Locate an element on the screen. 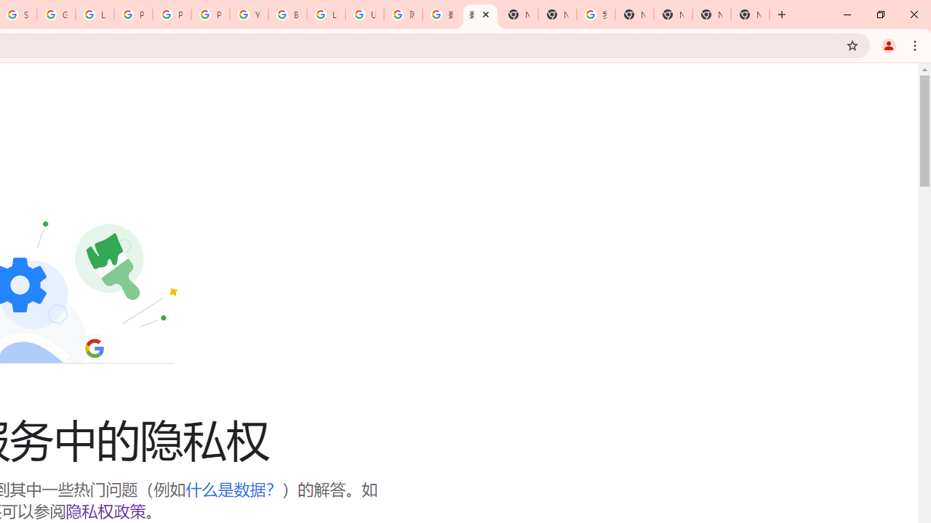  'Privacy Help Center - Policies Help' is located at coordinates (133, 15).